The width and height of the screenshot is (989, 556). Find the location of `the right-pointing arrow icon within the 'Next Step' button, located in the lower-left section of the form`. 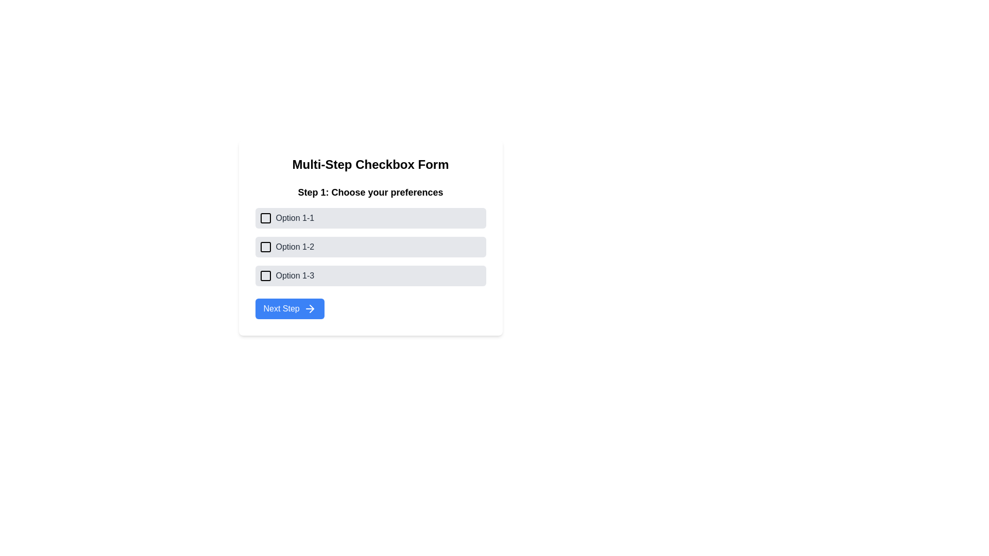

the right-pointing arrow icon within the 'Next Step' button, located in the lower-left section of the form is located at coordinates (311, 308).